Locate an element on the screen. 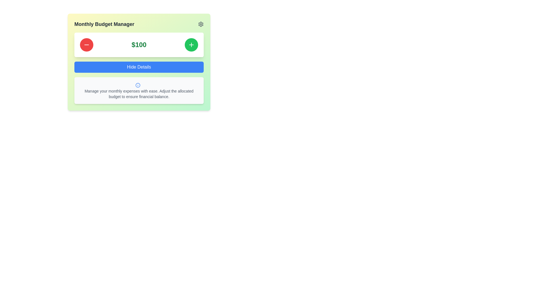 The height and width of the screenshot is (301, 535). the circular red button with a white horizontal line symbol to decrement the value, located to the left of the green dollar amount and the '+' button is located at coordinates (86, 45).